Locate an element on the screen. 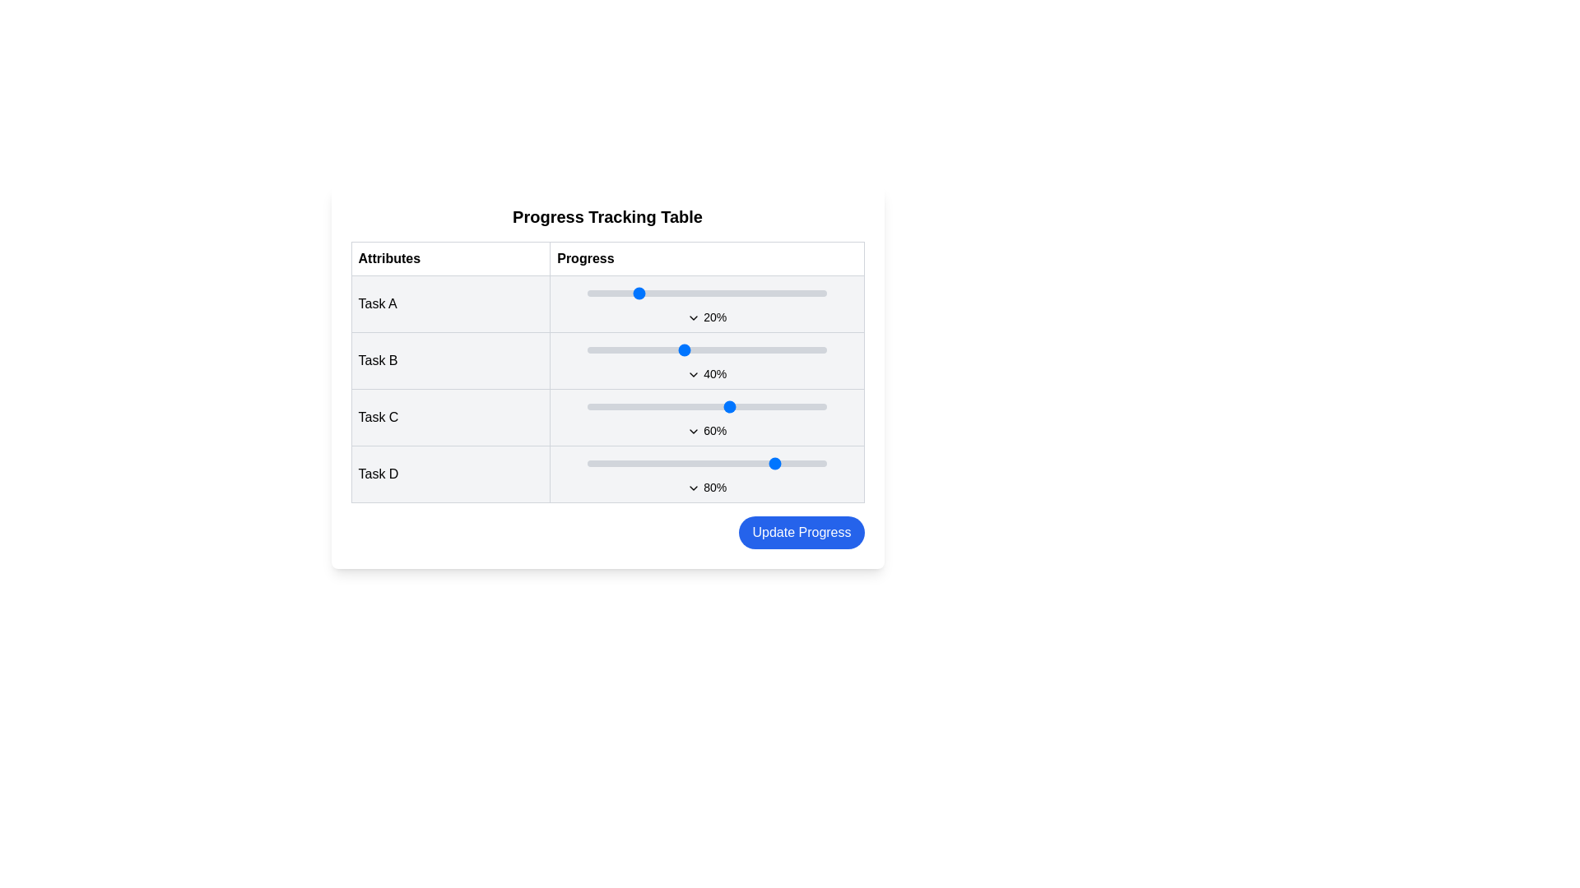 The width and height of the screenshot is (1580, 888). the progress of Task A is located at coordinates (716, 293).